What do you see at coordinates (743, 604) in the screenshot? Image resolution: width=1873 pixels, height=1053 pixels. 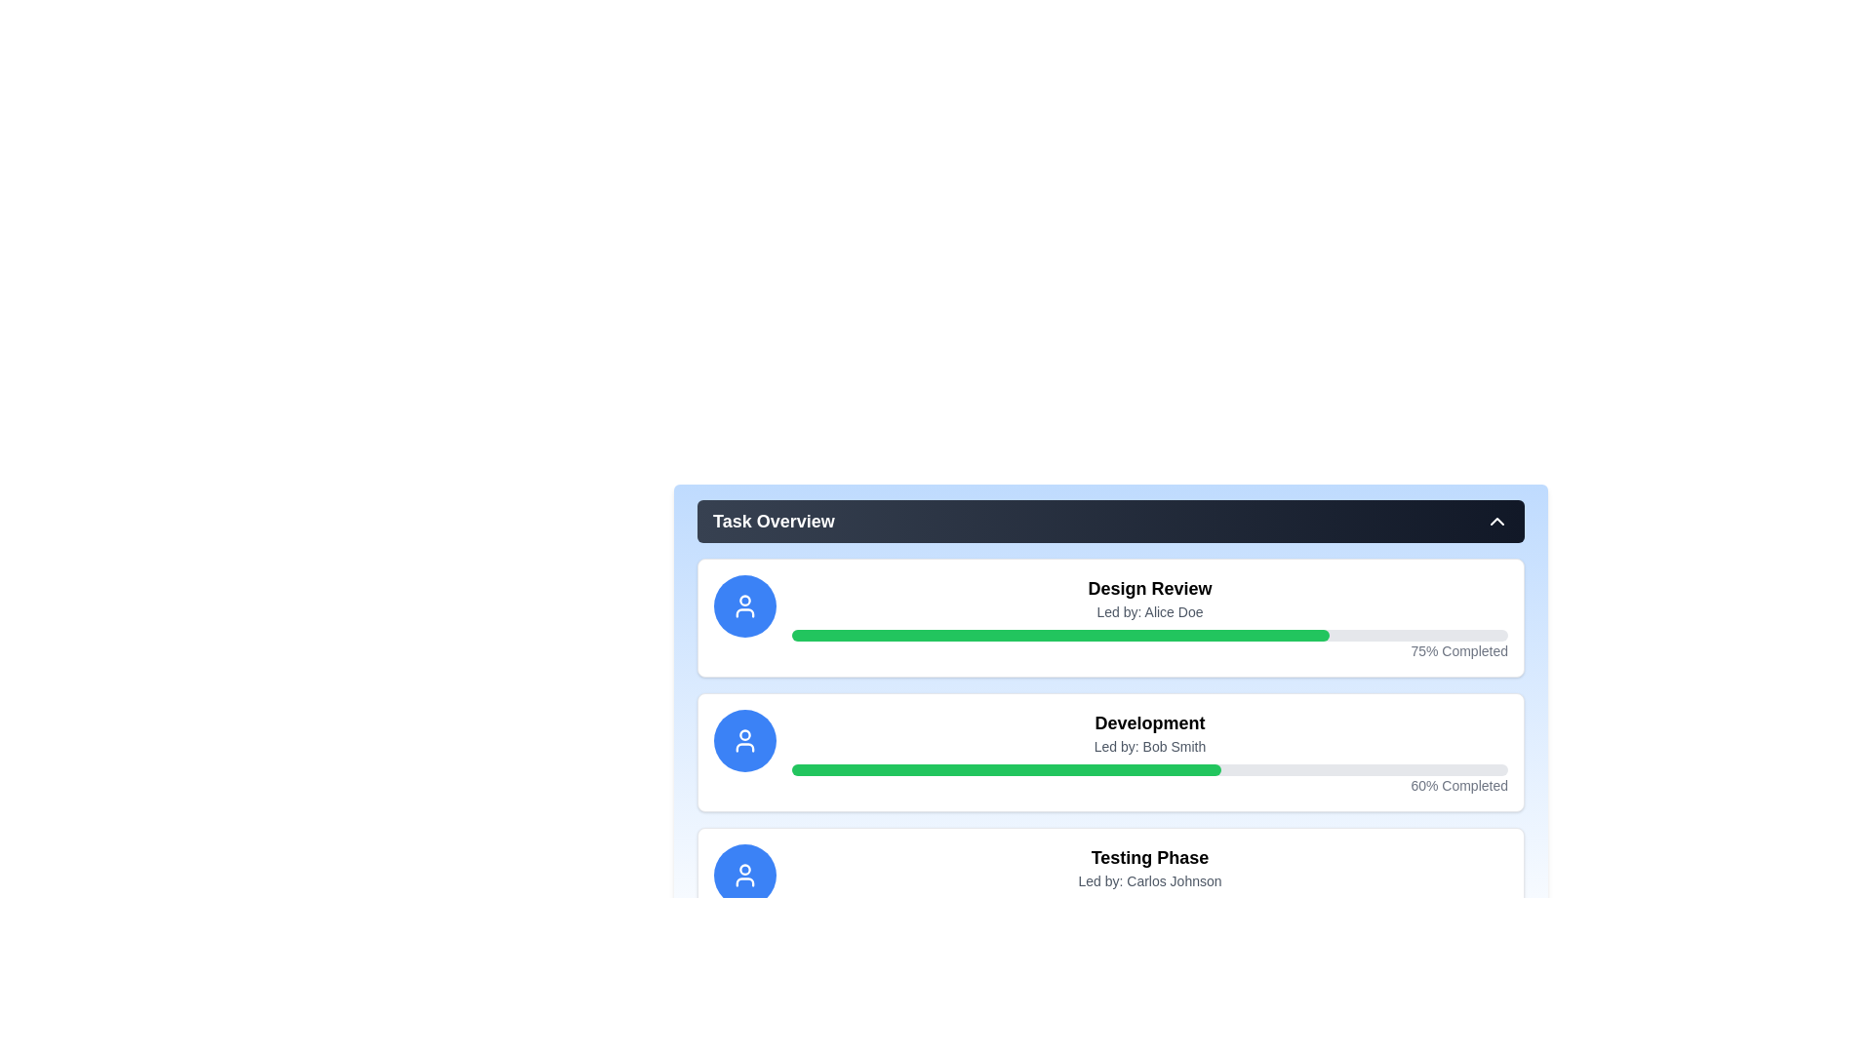 I see `the user icon representing the leader in the 'Design Review' card, located to the left of the text 'Led by: Alice Doe'` at bounding box center [743, 604].